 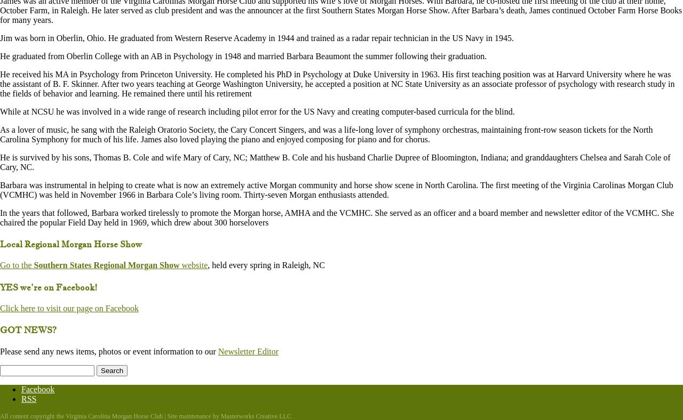 What do you see at coordinates (29, 398) in the screenshot?
I see `'RSS'` at bounding box center [29, 398].